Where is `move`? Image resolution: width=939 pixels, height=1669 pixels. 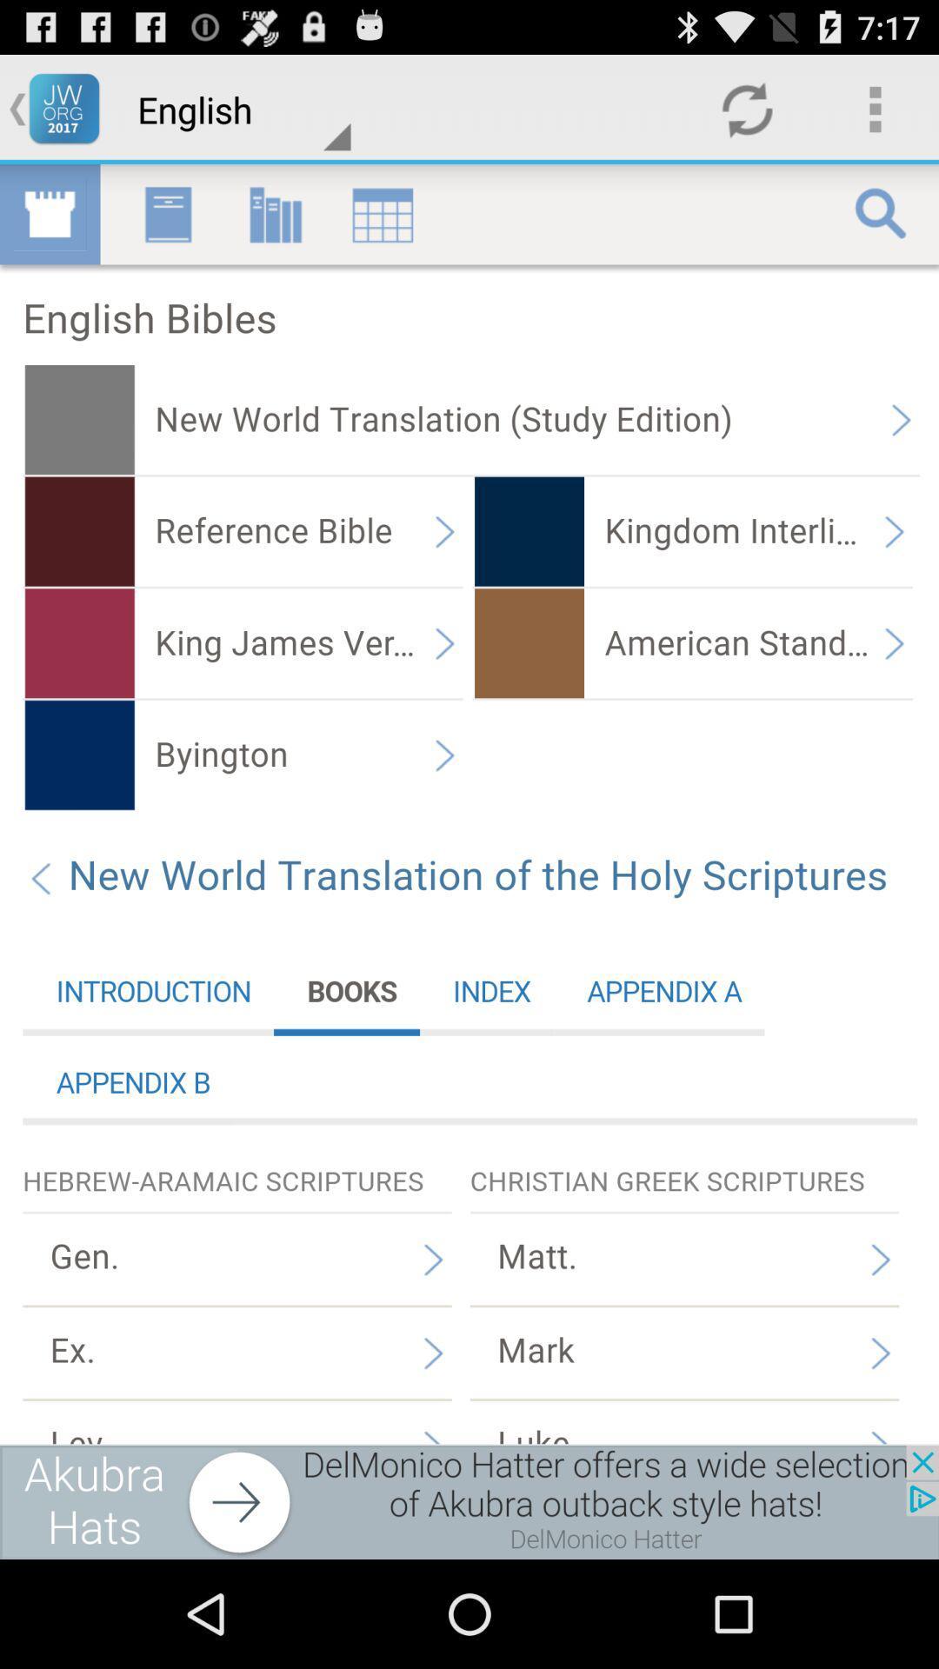 move is located at coordinates (469, 1501).